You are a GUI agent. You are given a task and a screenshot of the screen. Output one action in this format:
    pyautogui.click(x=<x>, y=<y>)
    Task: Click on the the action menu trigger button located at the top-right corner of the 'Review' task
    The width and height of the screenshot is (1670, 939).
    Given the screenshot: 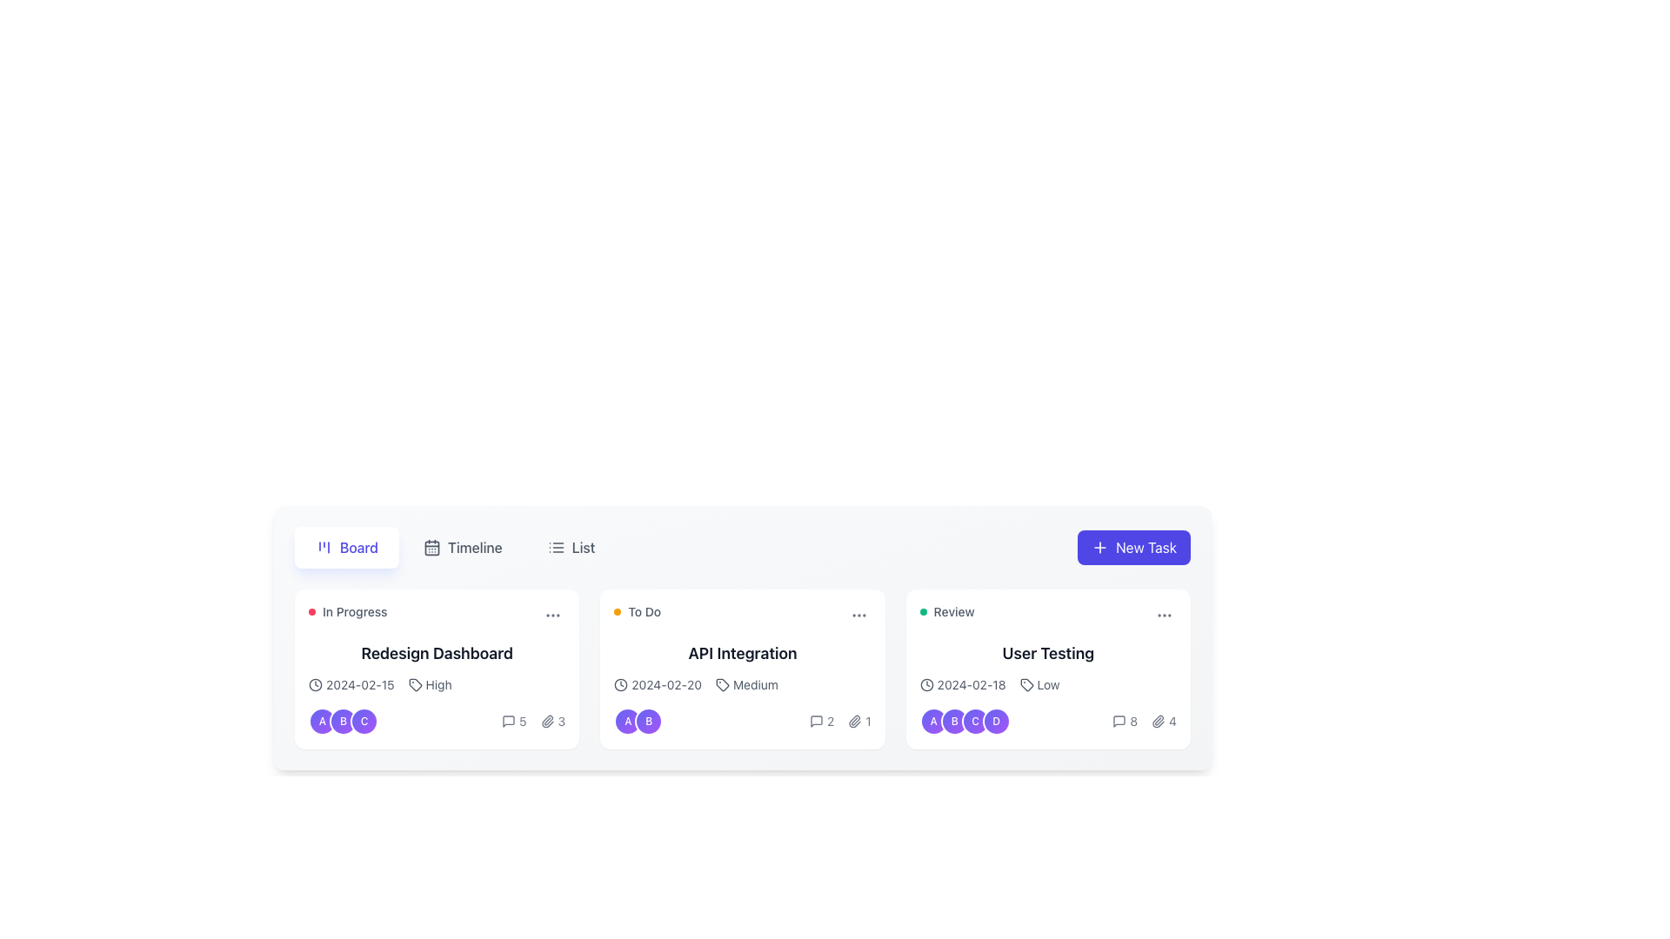 What is the action you would take?
    pyautogui.click(x=1165, y=615)
    